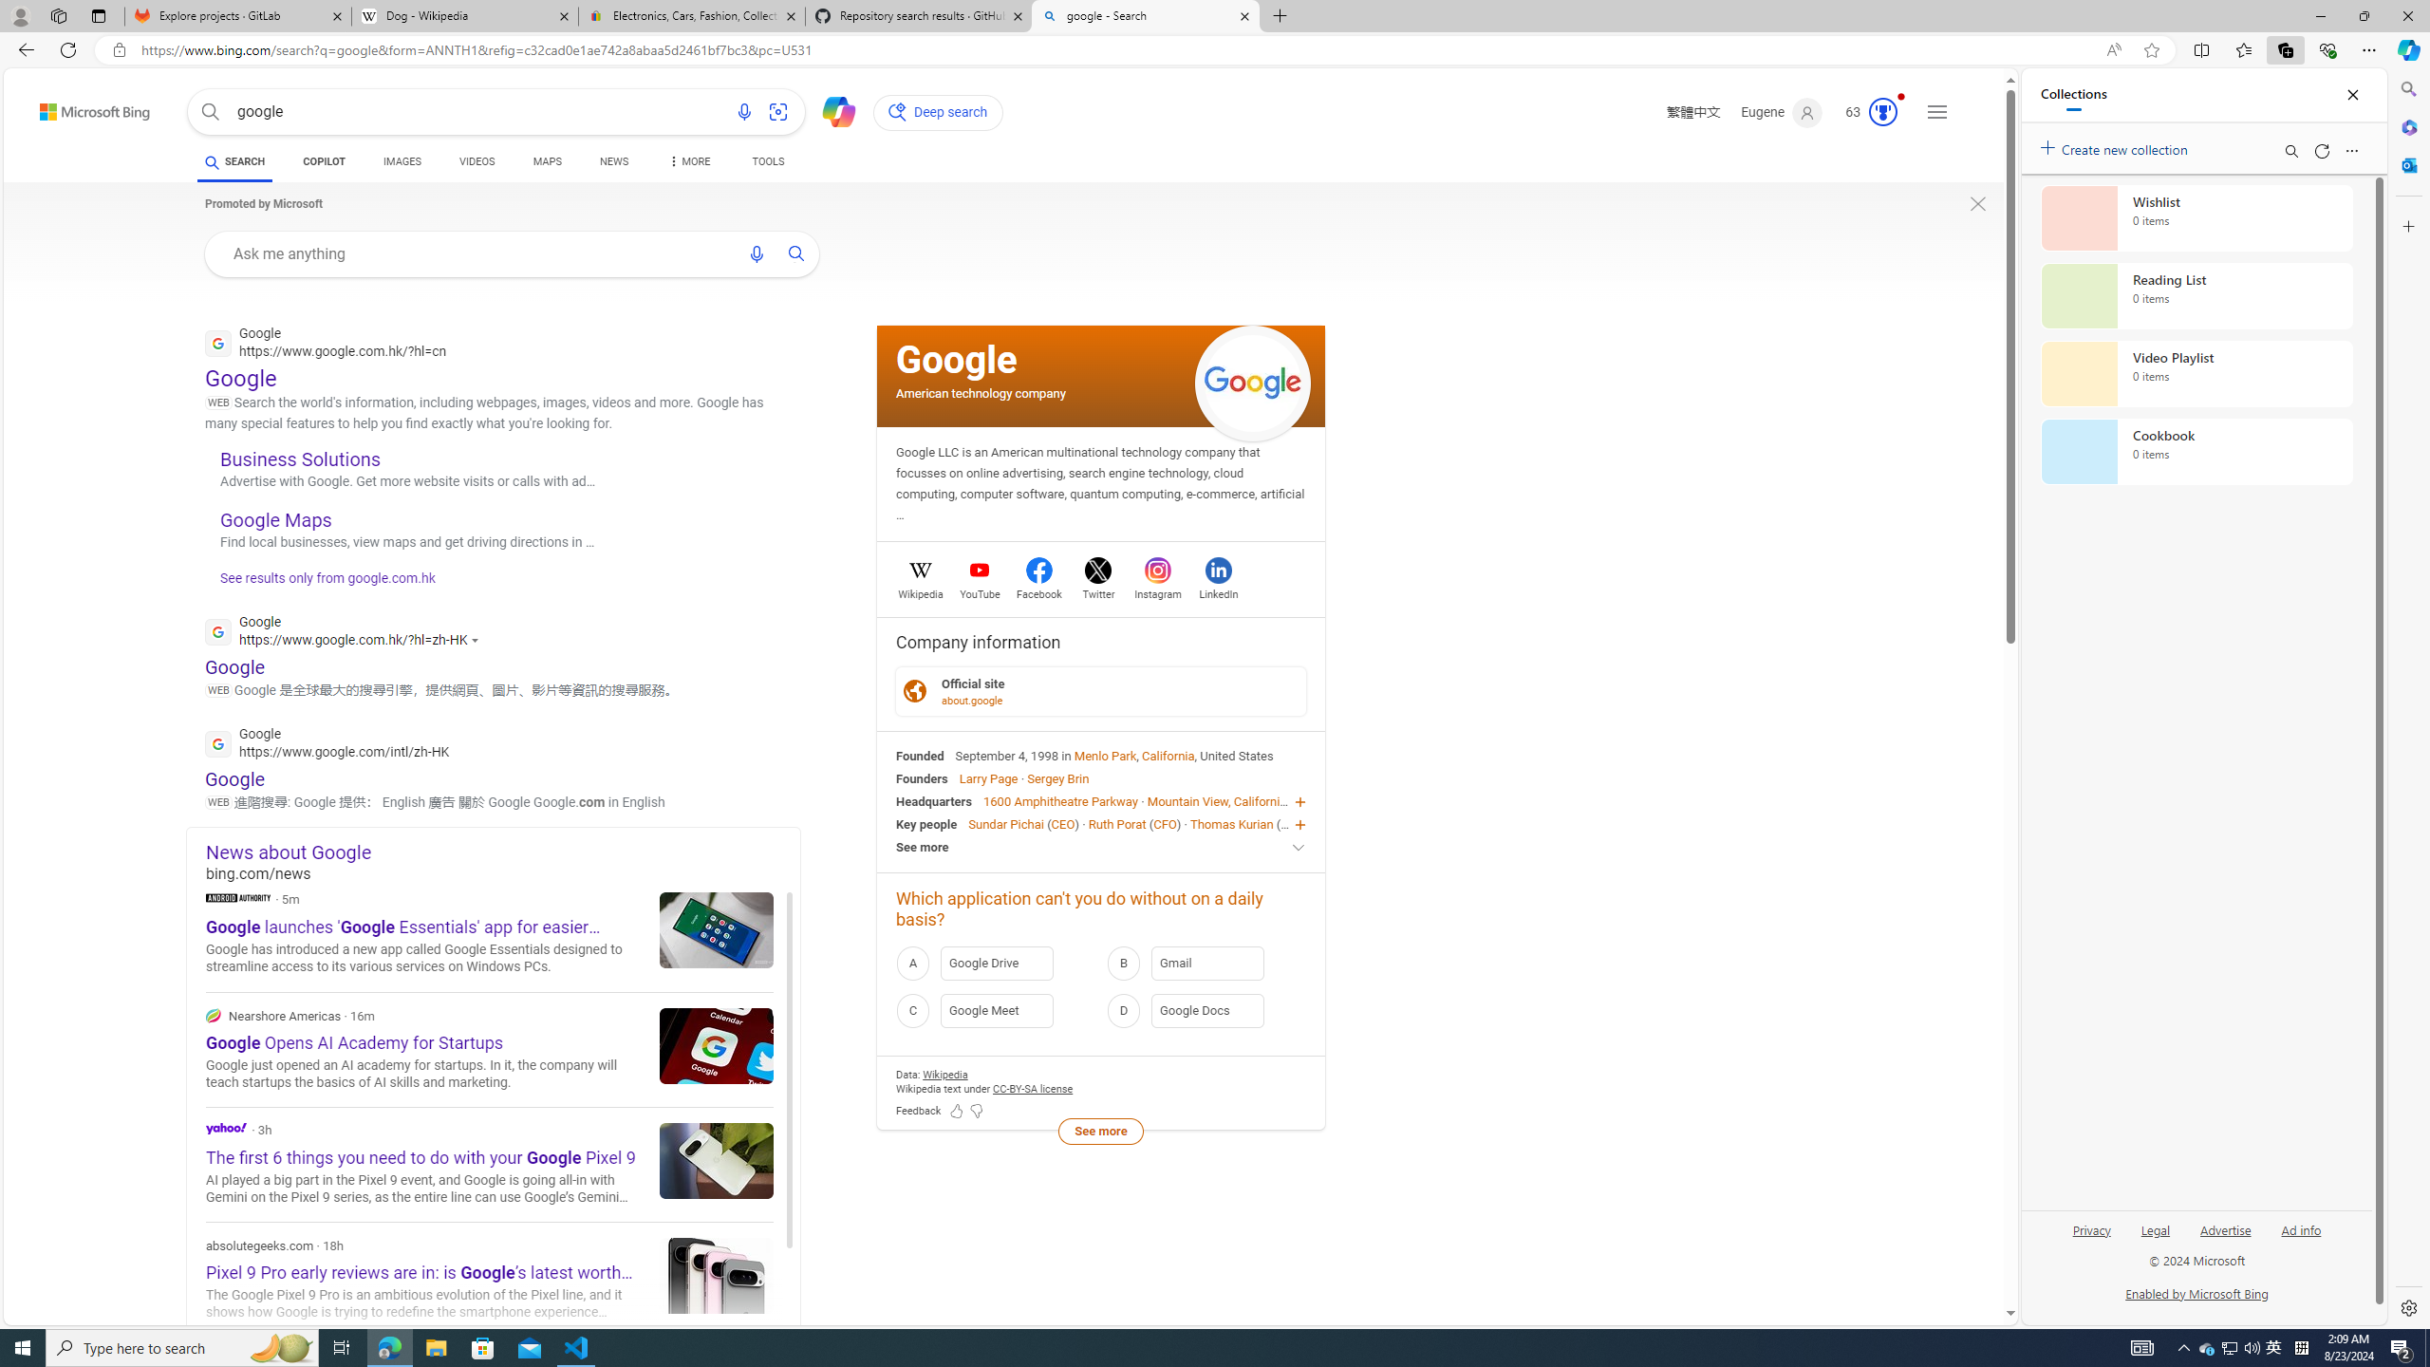 This screenshot has width=2430, height=1367. I want to click on 'Feedback Like', so click(956, 1112).